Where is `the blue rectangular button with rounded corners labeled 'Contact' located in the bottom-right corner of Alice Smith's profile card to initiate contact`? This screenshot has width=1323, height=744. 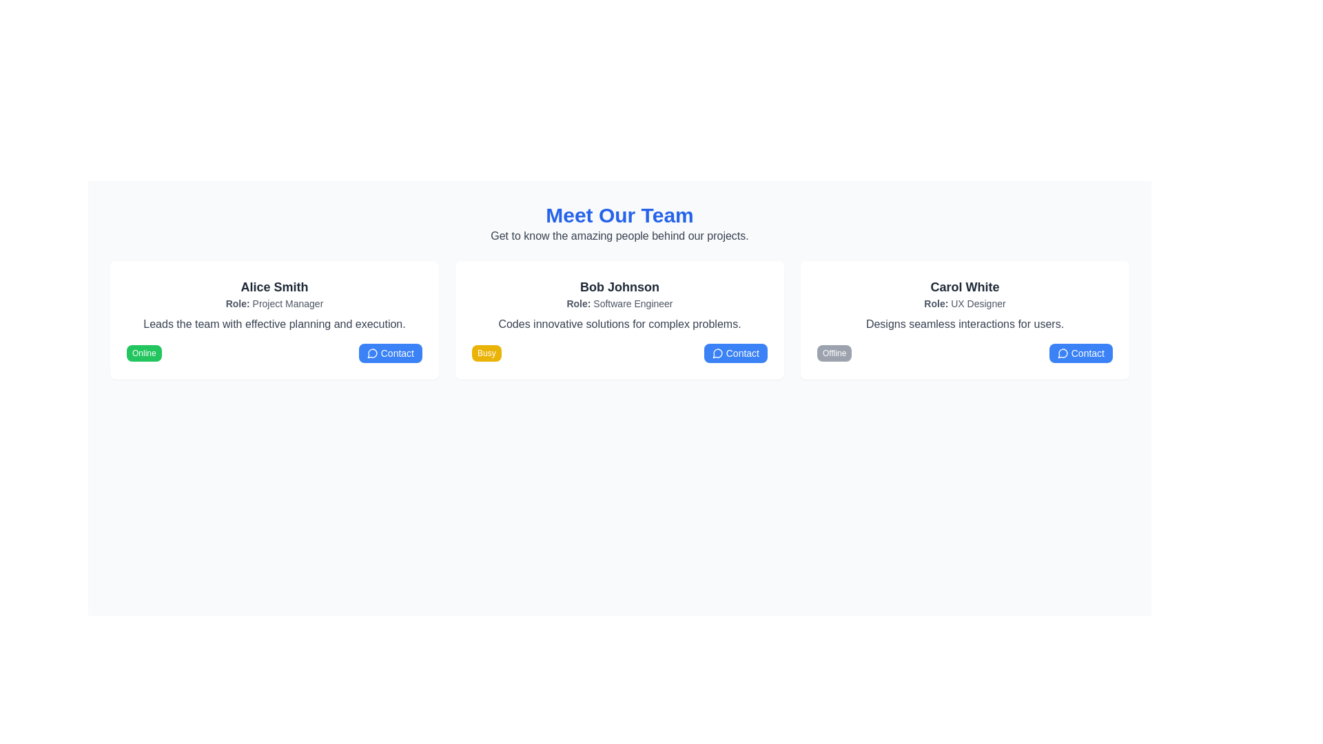 the blue rectangular button with rounded corners labeled 'Contact' located in the bottom-right corner of Alice Smith's profile card to initiate contact is located at coordinates (389, 353).